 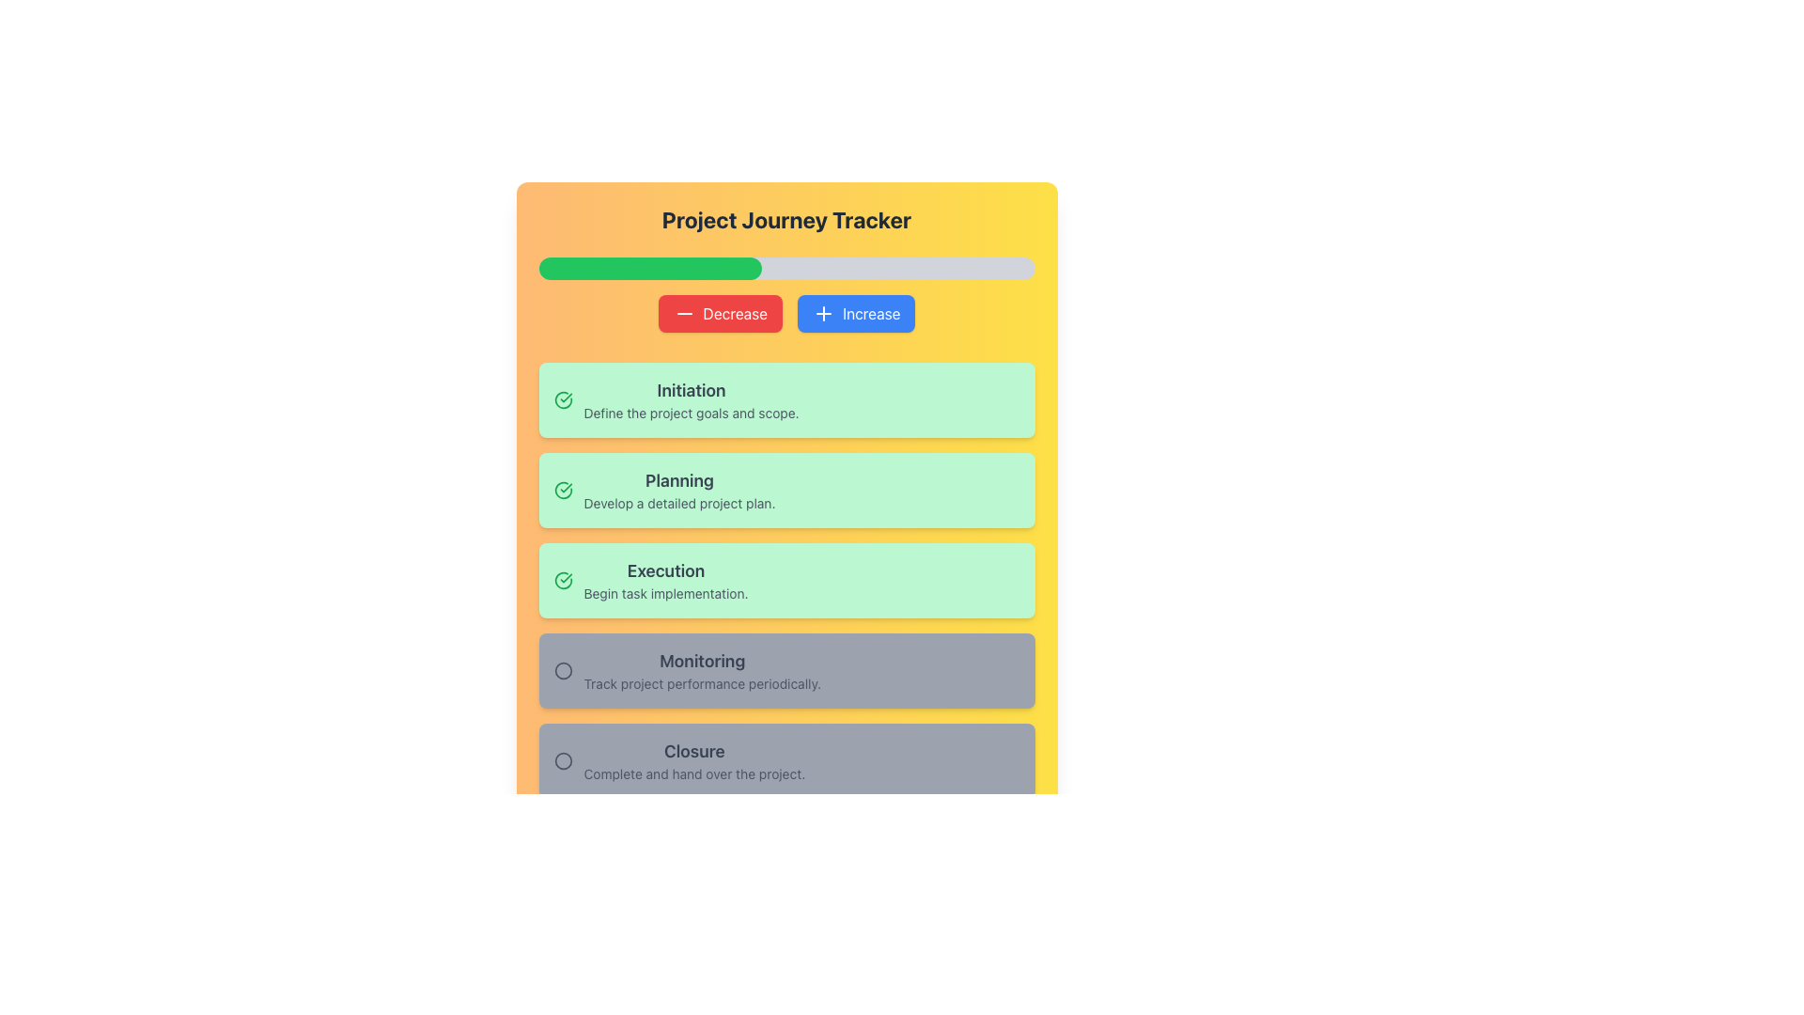 I want to click on the completion icon located adjacent to the text 'Planning' in the project journey tracker interface, so click(x=562, y=489).